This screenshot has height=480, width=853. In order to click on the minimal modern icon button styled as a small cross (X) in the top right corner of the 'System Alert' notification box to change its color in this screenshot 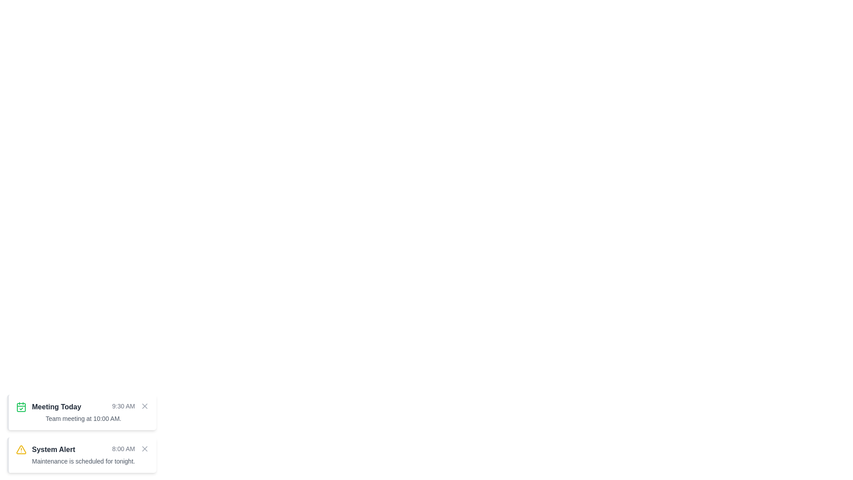, I will do `click(145, 449)`.